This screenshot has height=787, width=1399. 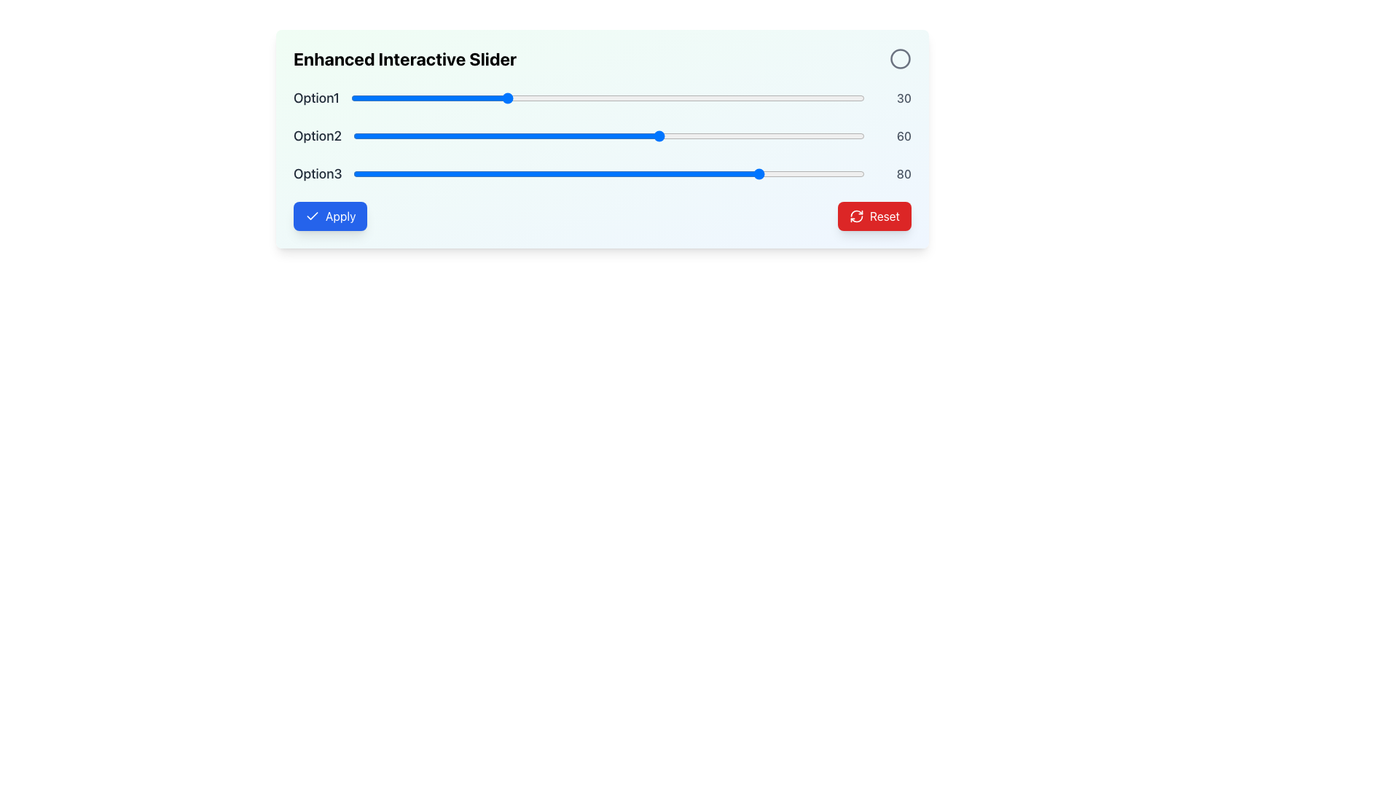 I want to click on the value of the slider, so click(x=505, y=98).